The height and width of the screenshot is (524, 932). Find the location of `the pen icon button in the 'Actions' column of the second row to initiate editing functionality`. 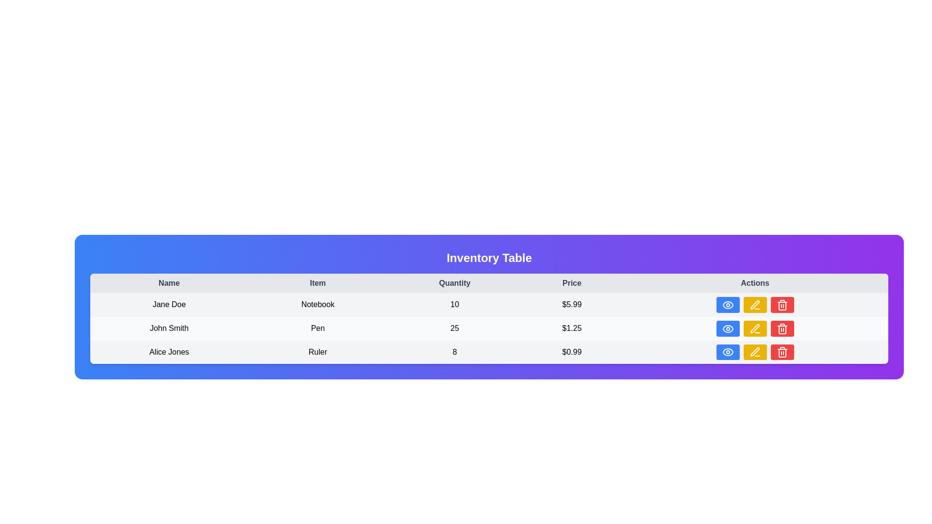

the pen icon button in the 'Actions' column of the second row to initiate editing functionality is located at coordinates (754, 304).